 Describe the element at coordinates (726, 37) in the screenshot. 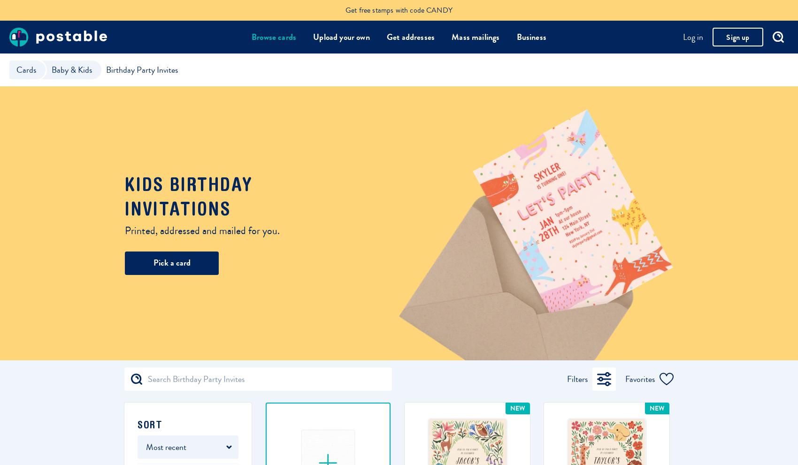

I see `'Sign up'` at that location.